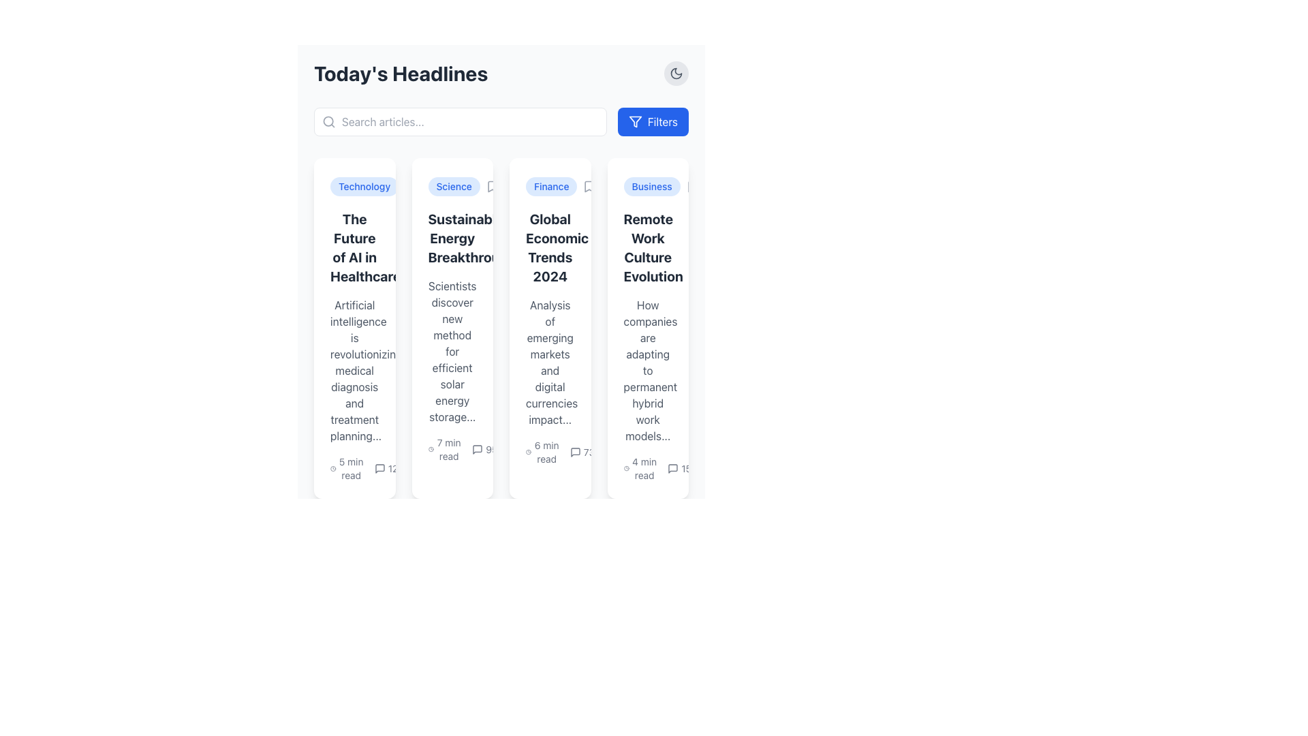 The height and width of the screenshot is (736, 1308). I want to click on the bold text label 'Today's Headlines' located at the top left of the interface, styled in a large dark font against a light background, so click(400, 74).